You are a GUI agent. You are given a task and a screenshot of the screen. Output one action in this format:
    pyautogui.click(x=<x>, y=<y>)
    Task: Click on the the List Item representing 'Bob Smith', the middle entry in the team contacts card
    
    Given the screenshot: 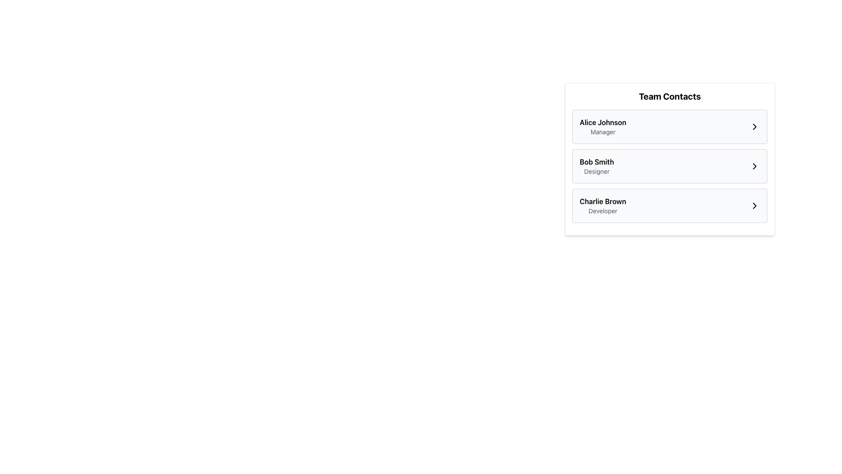 What is the action you would take?
    pyautogui.click(x=669, y=159)
    